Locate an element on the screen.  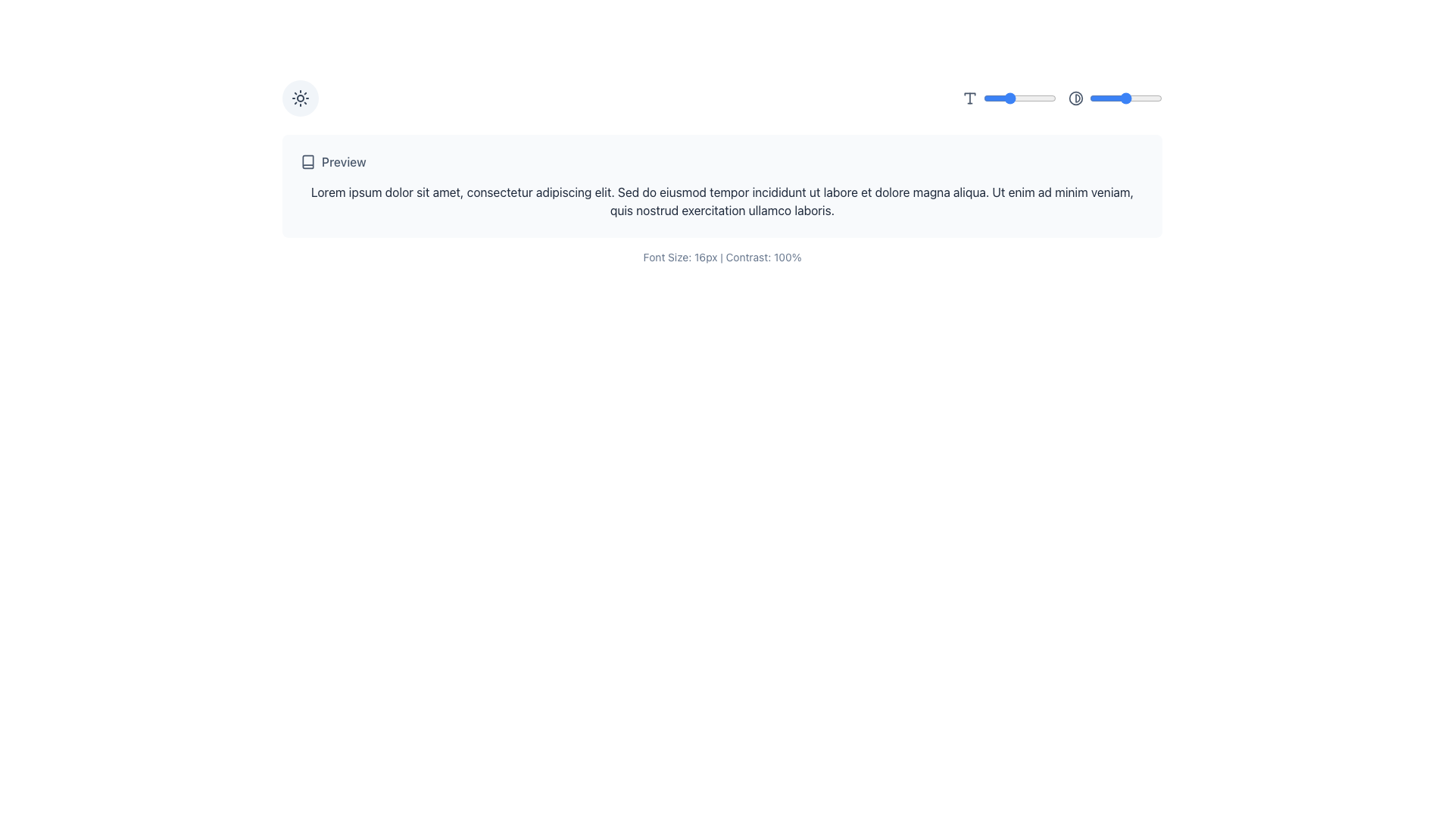
the 'eye' icon located in the upper right corner of the UI is located at coordinates (1148, 101).